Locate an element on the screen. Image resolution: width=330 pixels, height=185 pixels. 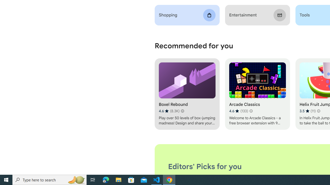
'Arcade Classics' is located at coordinates (257, 94).